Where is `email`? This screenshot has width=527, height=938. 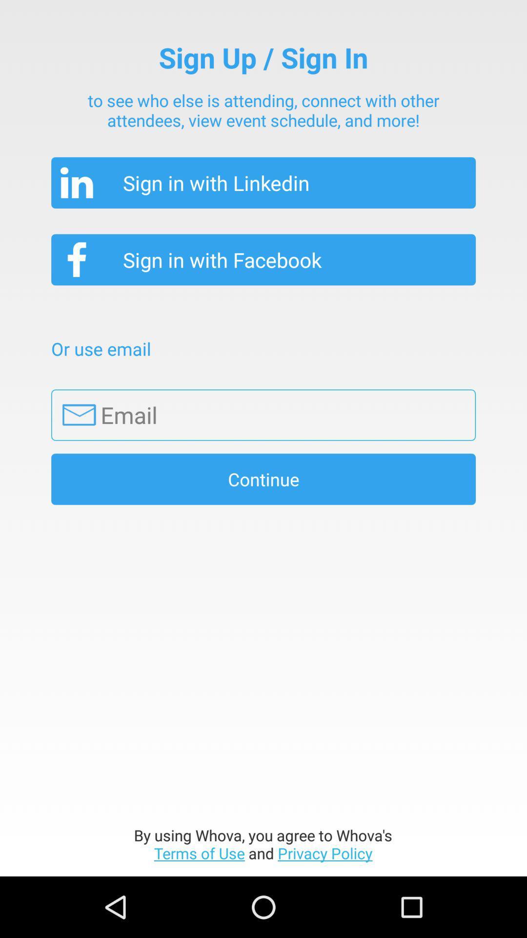 email is located at coordinates (263, 415).